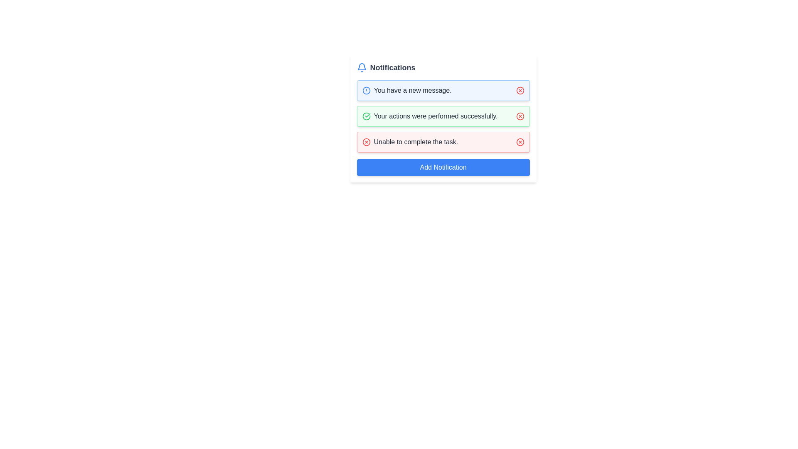 The image size is (798, 449). What do you see at coordinates (413, 91) in the screenshot?
I see `the Text Label indicating a new message, which is positioned in the notification area next to a blue icon and a close button` at bounding box center [413, 91].